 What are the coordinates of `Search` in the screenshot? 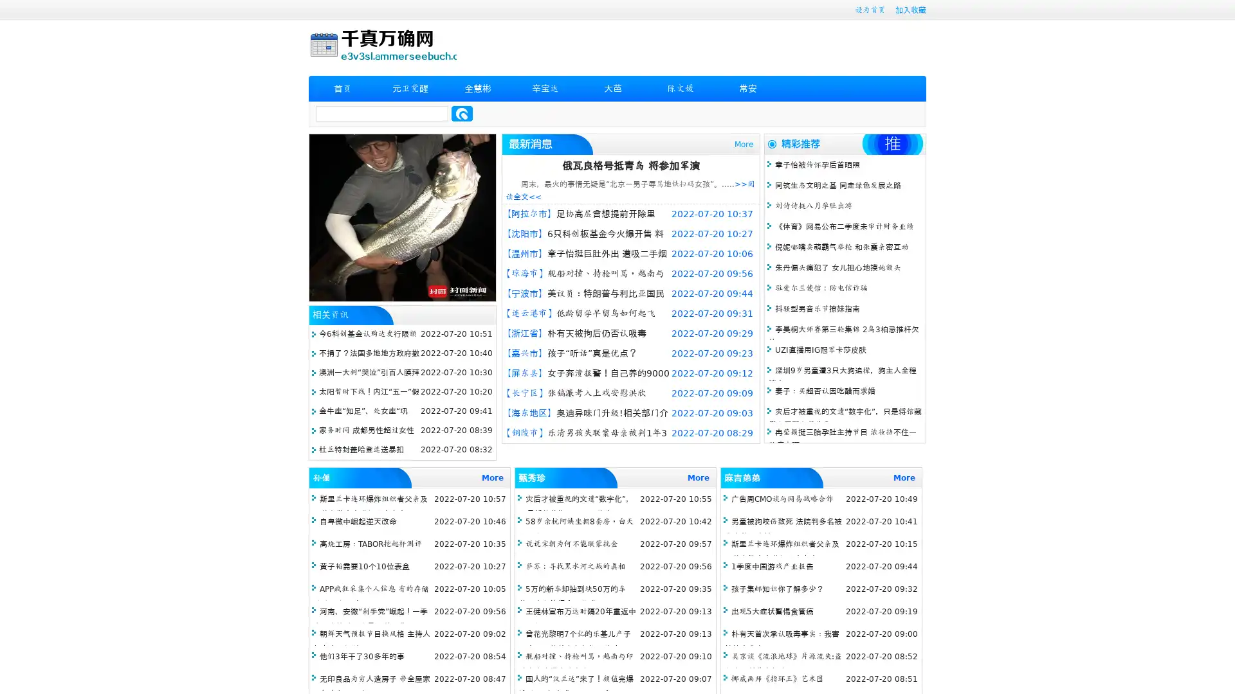 It's located at (462, 113).